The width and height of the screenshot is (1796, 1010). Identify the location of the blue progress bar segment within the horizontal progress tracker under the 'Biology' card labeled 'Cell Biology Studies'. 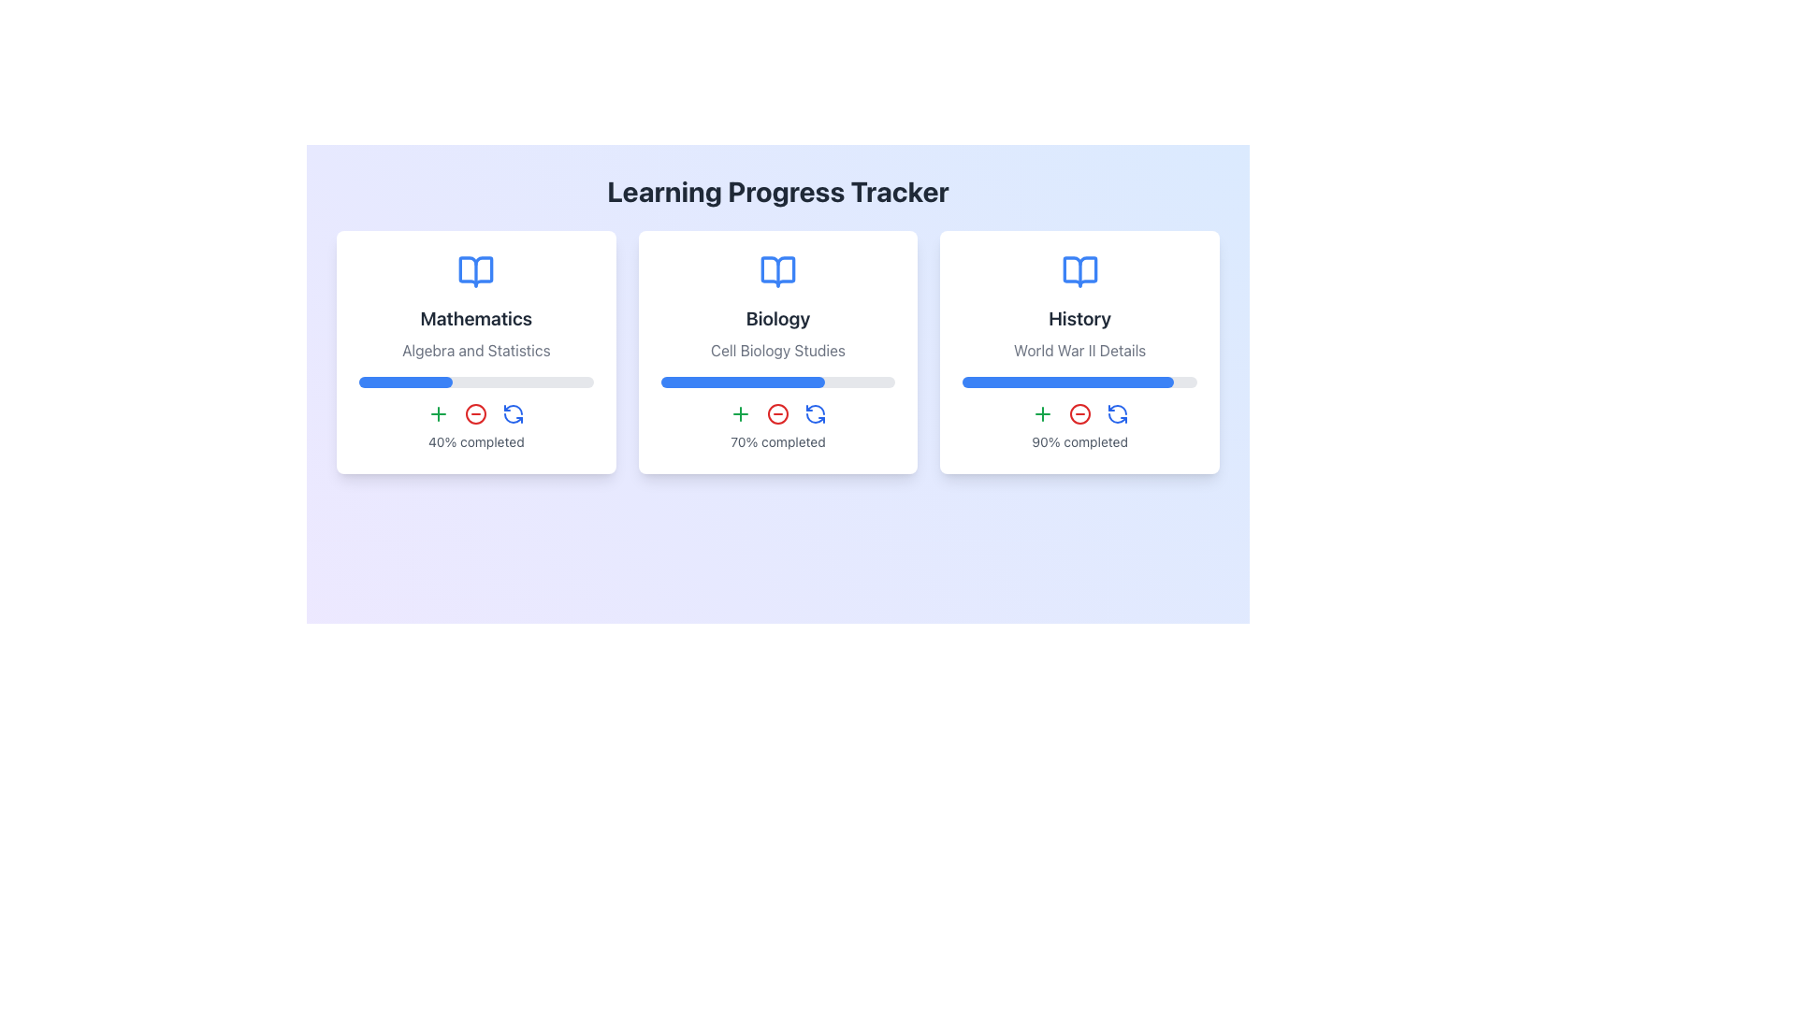
(742, 381).